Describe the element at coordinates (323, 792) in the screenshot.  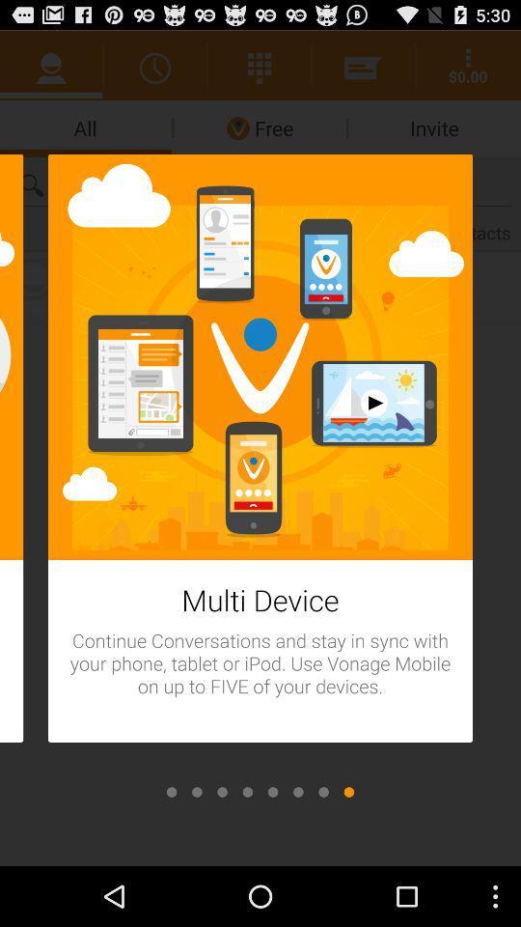
I see `previous` at that location.